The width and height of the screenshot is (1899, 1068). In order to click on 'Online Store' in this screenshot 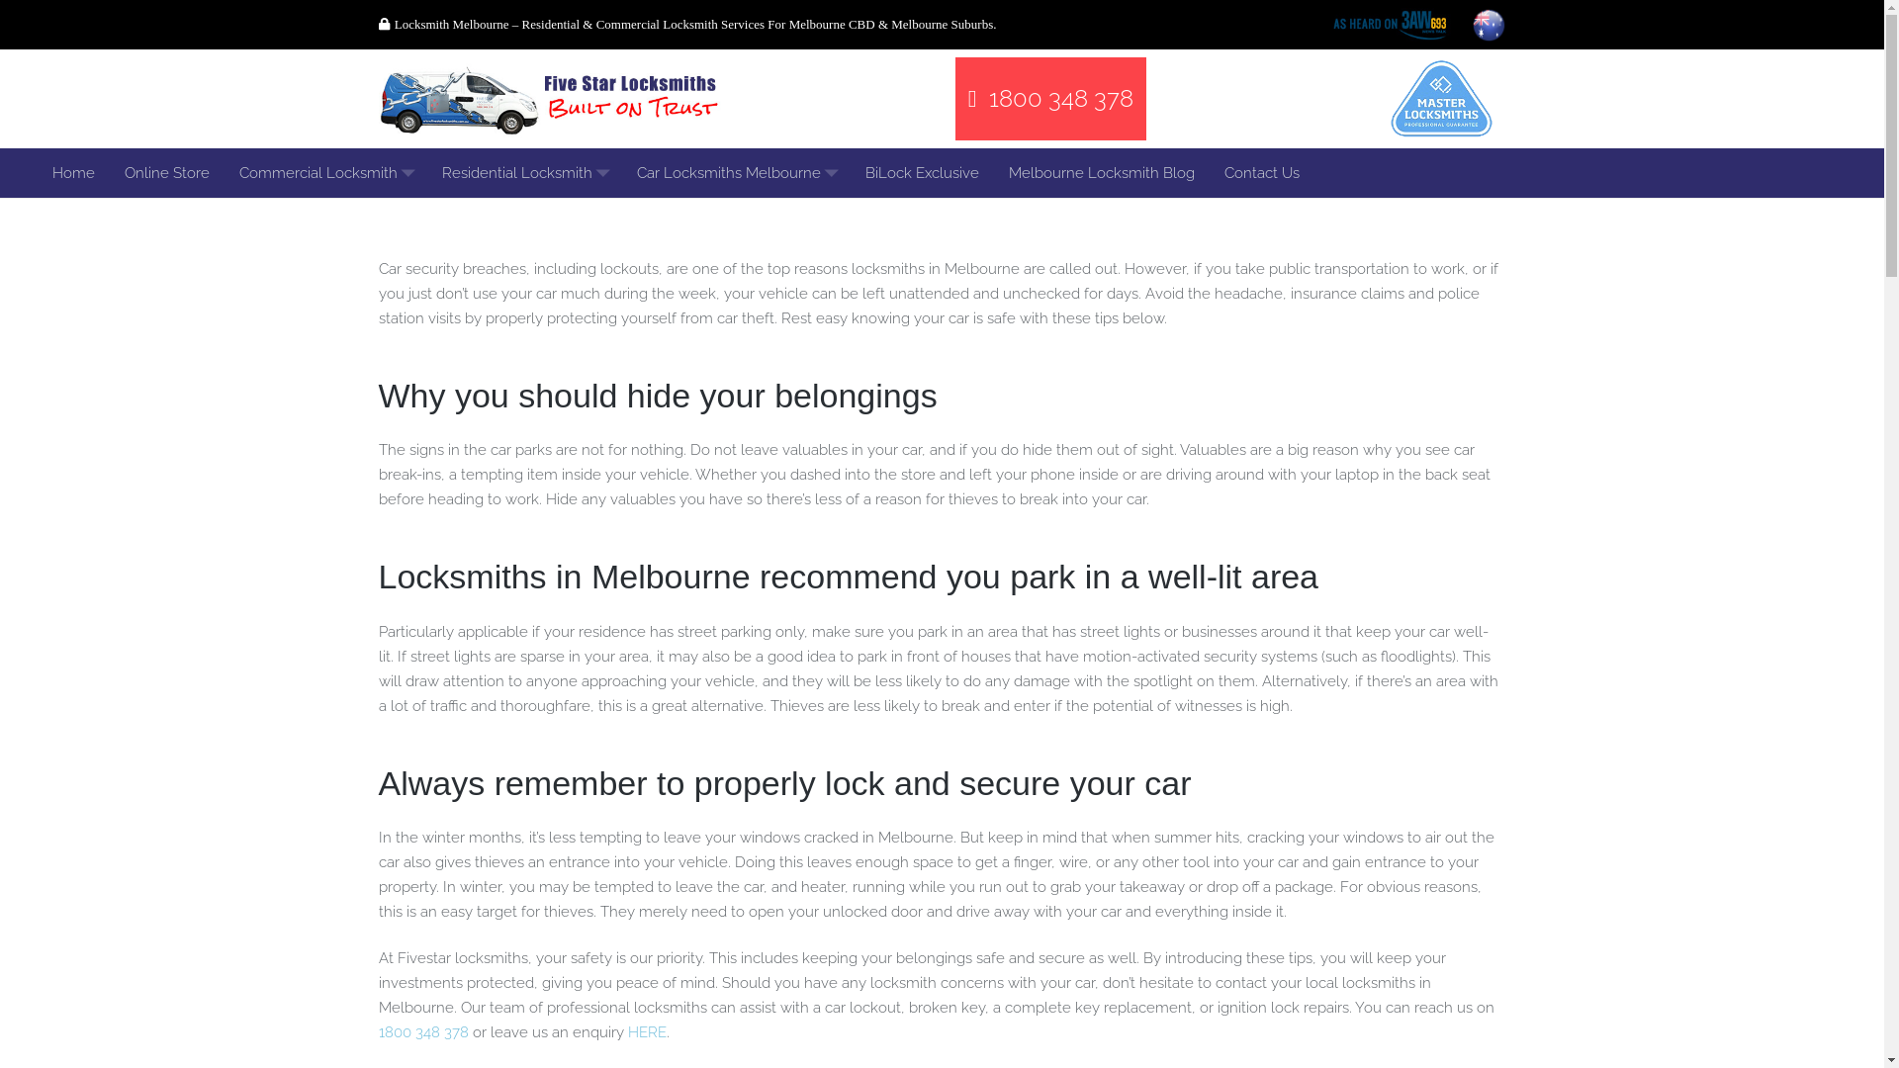, I will do `click(166, 171)`.